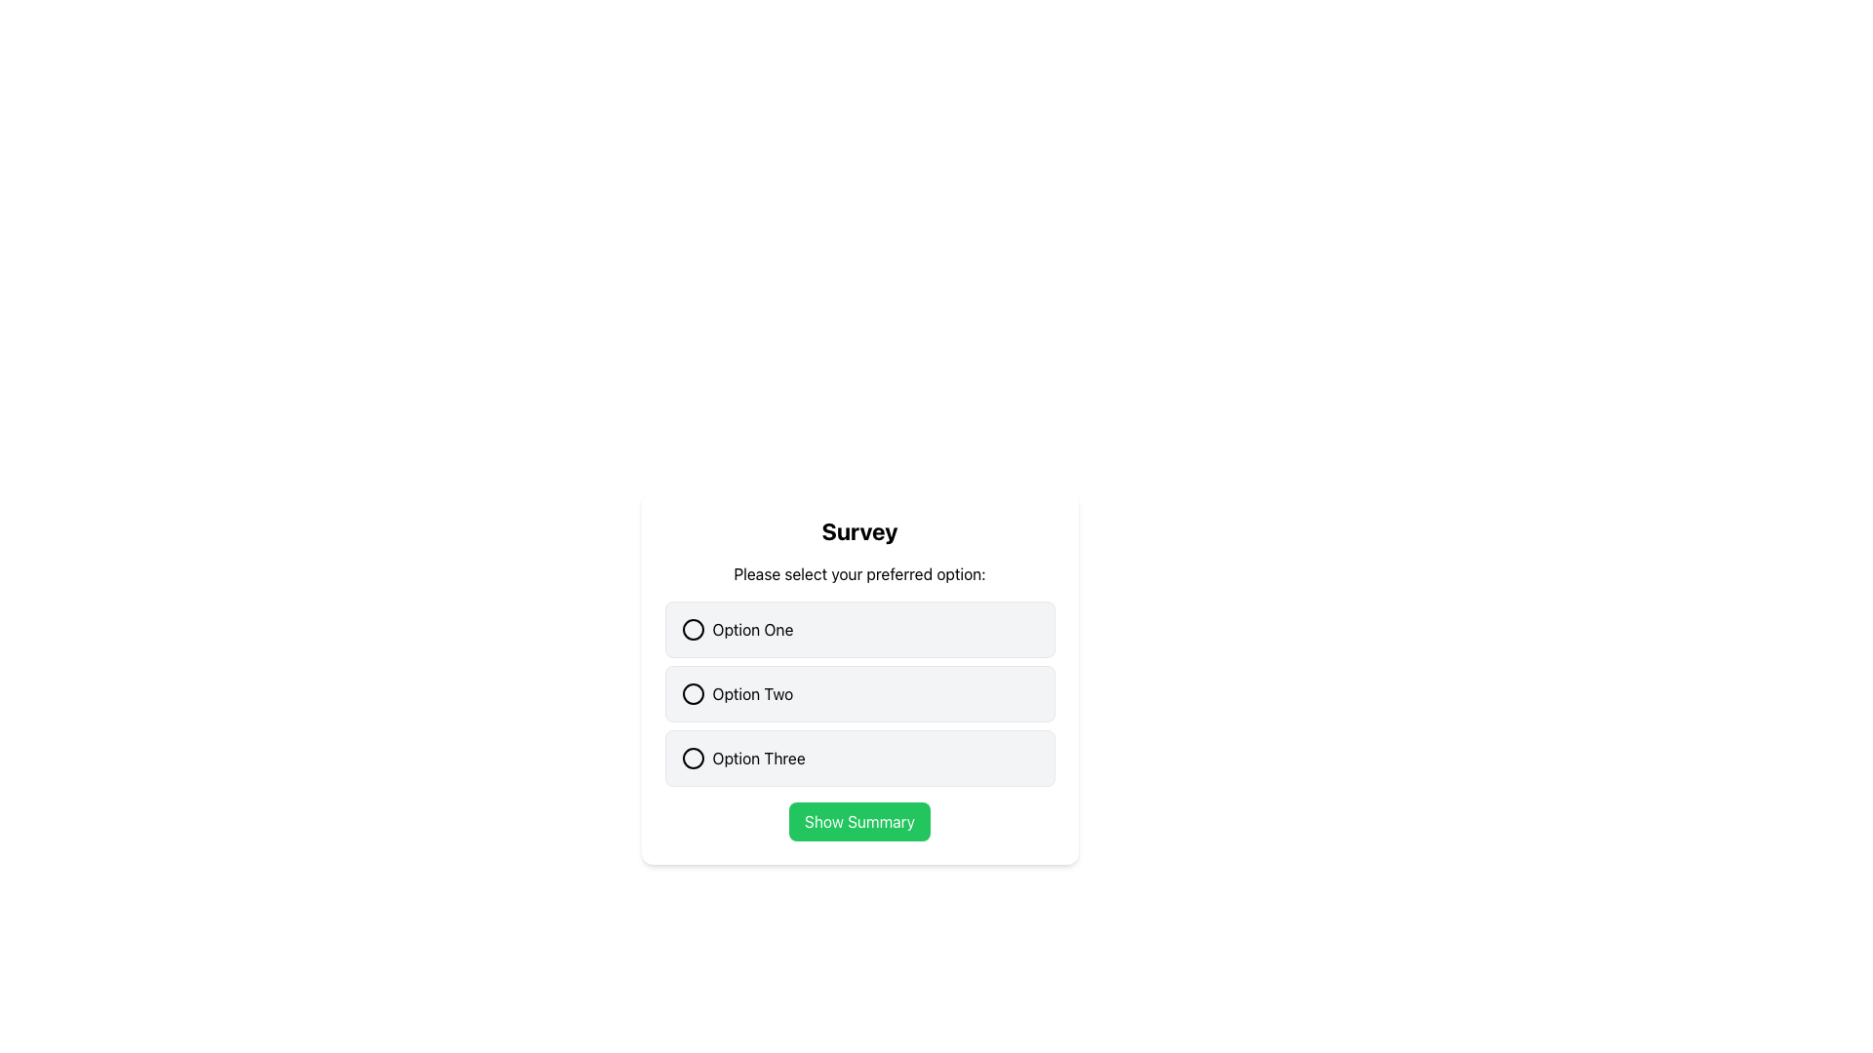 This screenshot has width=1873, height=1053. I want to click on the second selectable option in the vertical list of survey options, so click(858, 693).